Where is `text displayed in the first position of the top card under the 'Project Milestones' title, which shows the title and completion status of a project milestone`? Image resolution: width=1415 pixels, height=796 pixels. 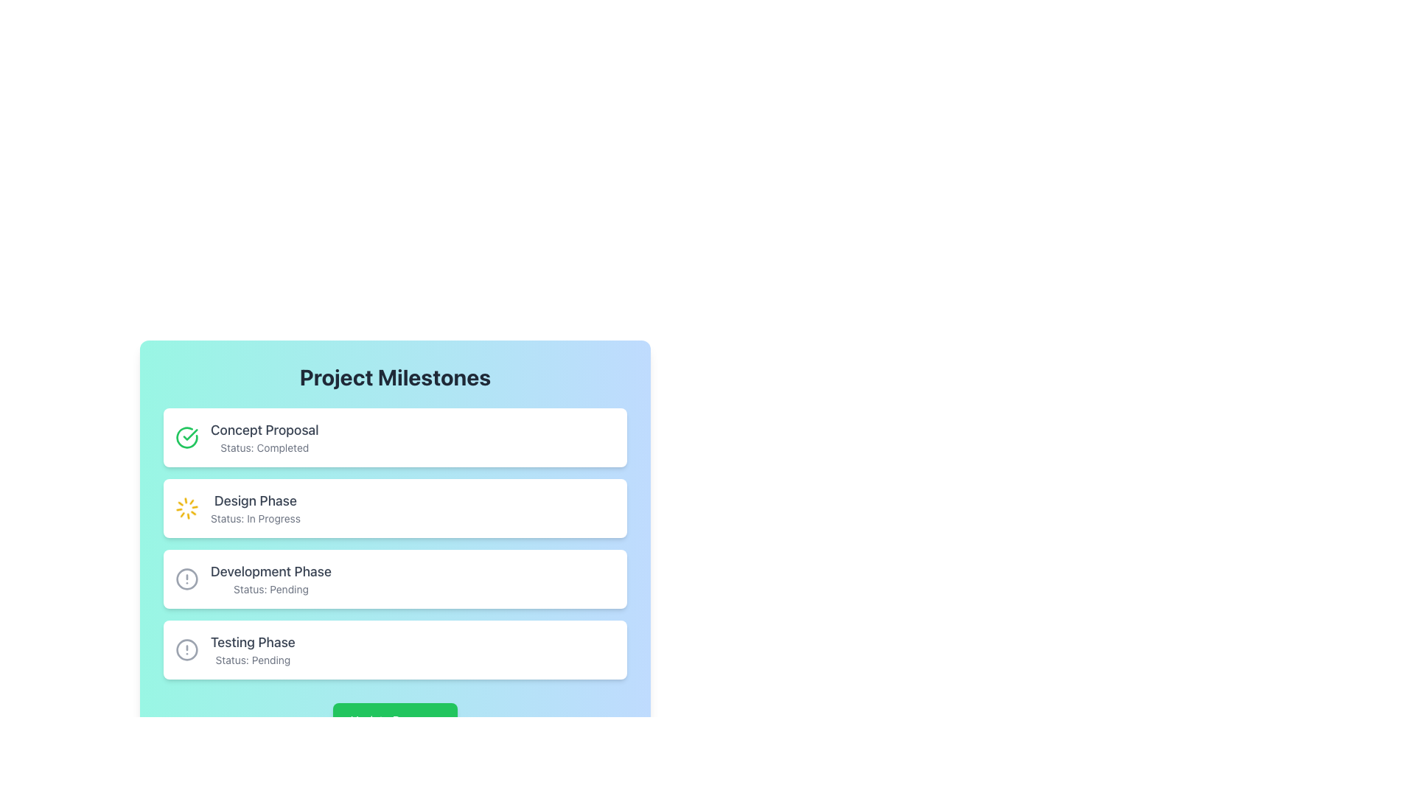
text displayed in the first position of the top card under the 'Project Milestones' title, which shows the title and completion status of a project milestone is located at coordinates (265, 437).